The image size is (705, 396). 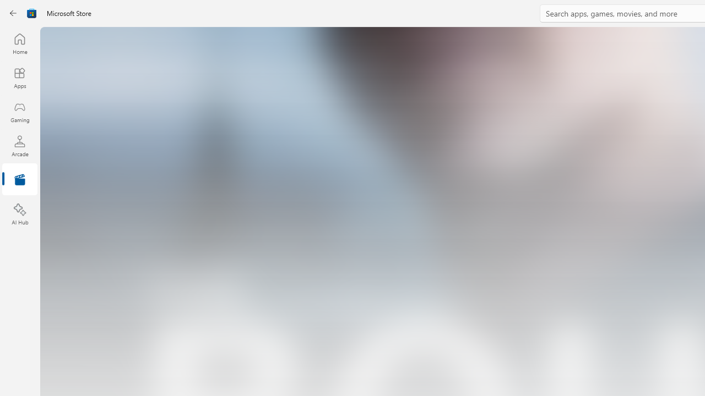 I want to click on 'Entertainment', so click(x=19, y=179).